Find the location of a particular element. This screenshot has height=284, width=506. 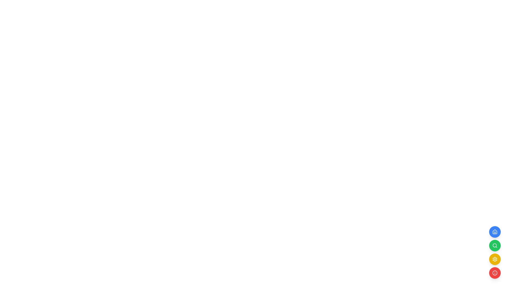

the 'Home' icon, which is a house-shaped icon with a blue background and white lines, located at the top of a vertical group of circular icons on the right side of the interface is located at coordinates (494, 232).